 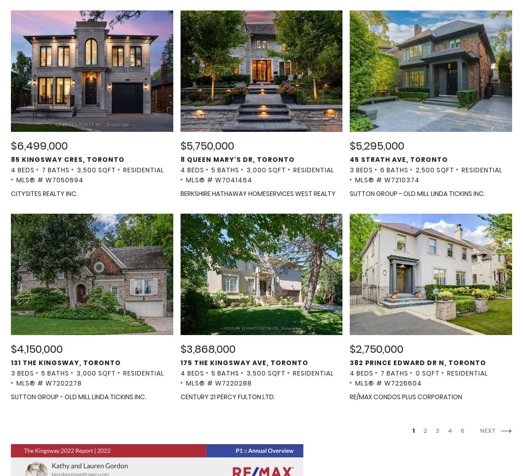 What do you see at coordinates (257, 193) in the screenshot?
I see `'BERKSHIRE HATHAWAY HOMESERVICES WEST REALTY'` at bounding box center [257, 193].